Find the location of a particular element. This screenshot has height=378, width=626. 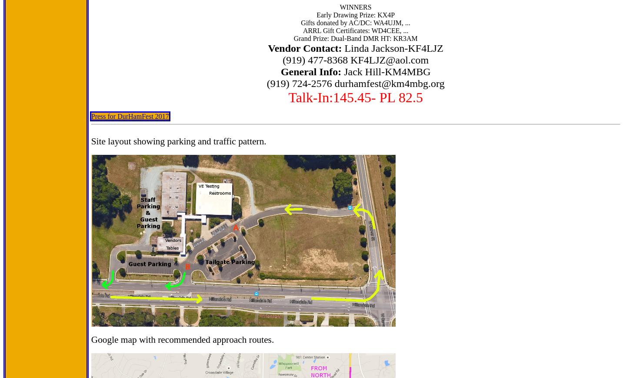

'Press for DurHamFest 2017' is located at coordinates (129, 116).